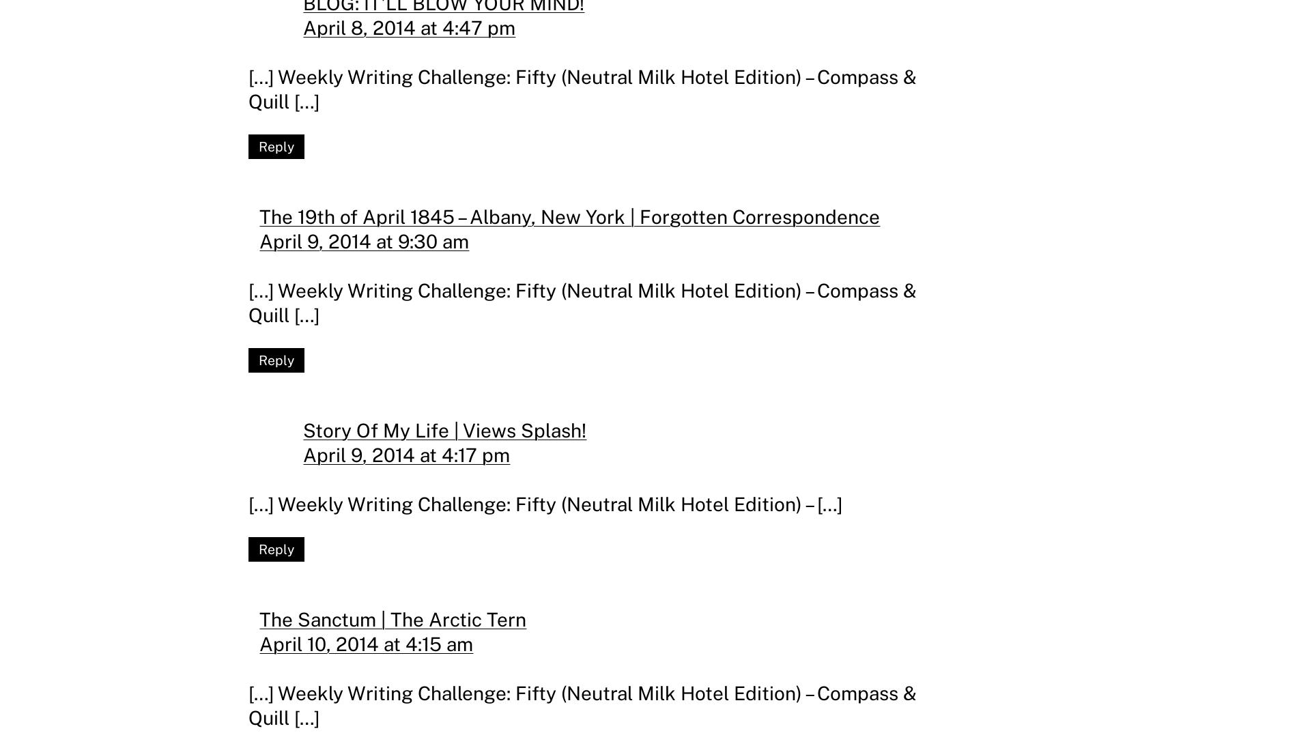 The image size is (1297, 733). What do you see at coordinates (366, 643) in the screenshot?
I see `'April 10, 2014 at 4:15 am'` at bounding box center [366, 643].